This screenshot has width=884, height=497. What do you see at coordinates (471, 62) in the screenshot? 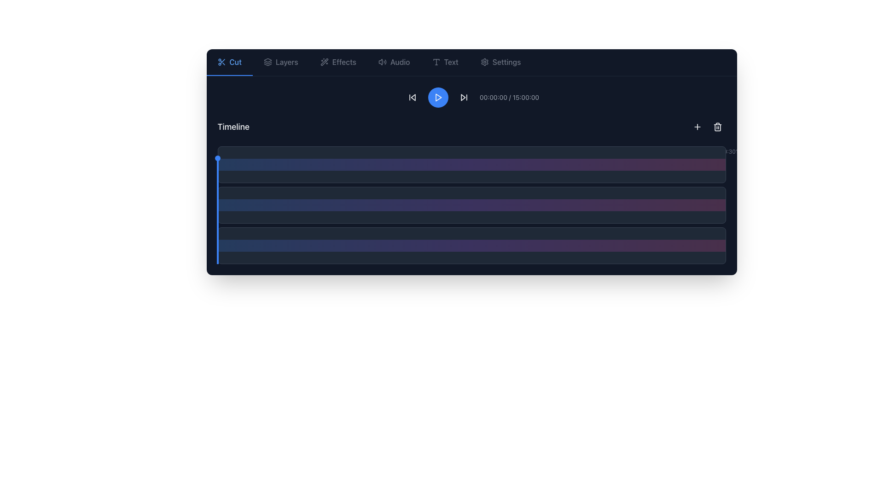
I see `icons on the navigation bar located at the top of the interface for visual cues` at bounding box center [471, 62].